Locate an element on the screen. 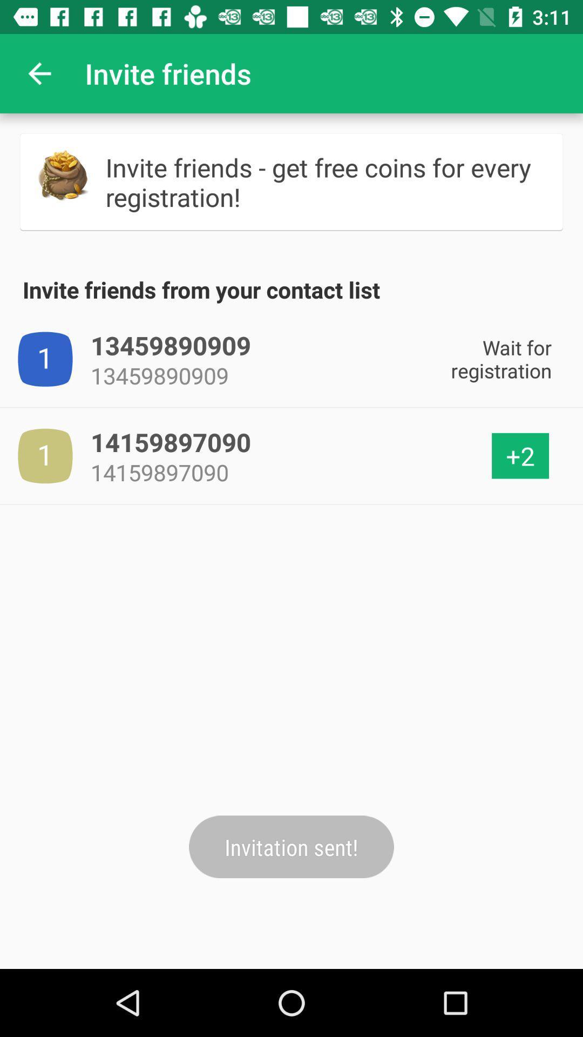 Image resolution: width=583 pixels, height=1037 pixels. the item below wait for is located at coordinates (520, 456).